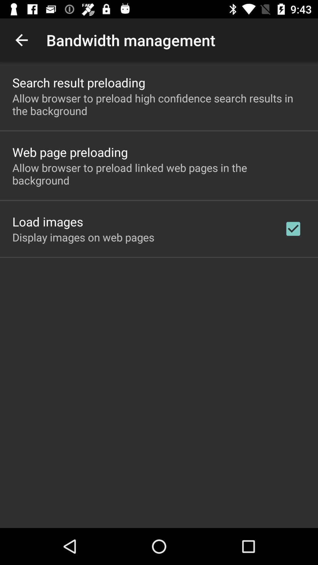 Image resolution: width=318 pixels, height=565 pixels. Describe the element at coordinates (70, 152) in the screenshot. I see `the web page preloading` at that location.